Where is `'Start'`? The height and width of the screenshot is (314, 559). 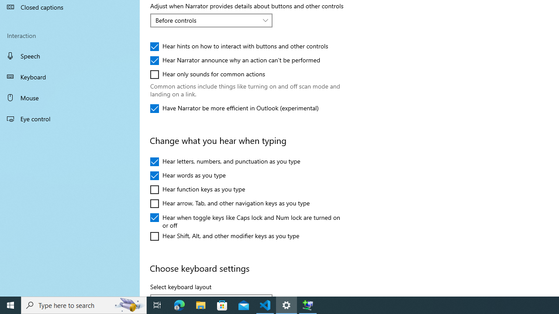 'Start' is located at coordinates (10, 304).